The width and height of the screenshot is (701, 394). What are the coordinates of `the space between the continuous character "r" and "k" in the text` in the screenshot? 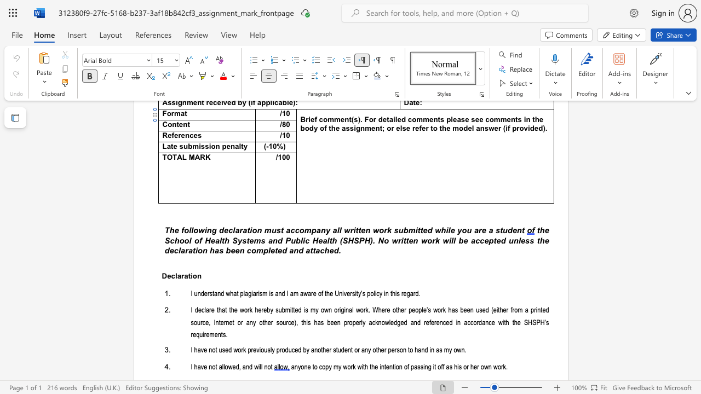 It's located at (249, 310).